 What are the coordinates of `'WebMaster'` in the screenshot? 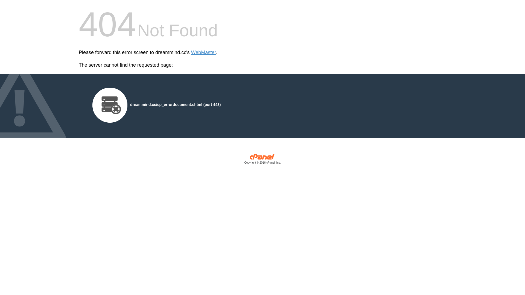 It's located at (203, 52).